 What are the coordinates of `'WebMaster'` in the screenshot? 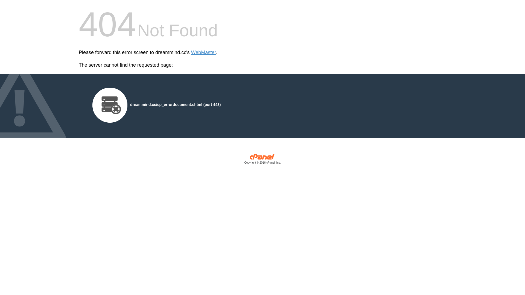 It's located at (203, 52).